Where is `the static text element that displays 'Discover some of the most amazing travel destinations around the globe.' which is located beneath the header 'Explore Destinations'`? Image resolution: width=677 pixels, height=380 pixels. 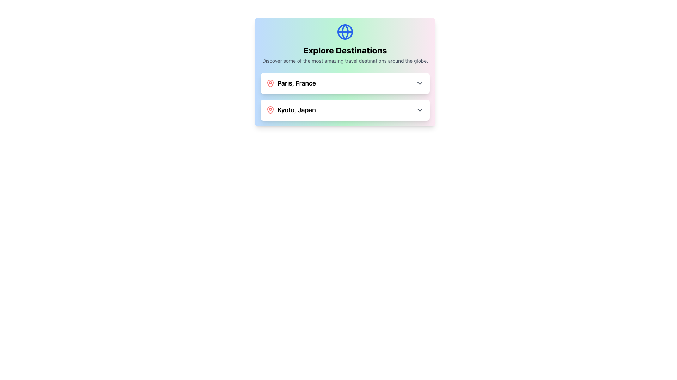
the static text element that displays 'Discover some of the most amazing travel destinations around the globe.' which is located beneath the header 'Explore Destinations' is located at coordinates (345, 61).